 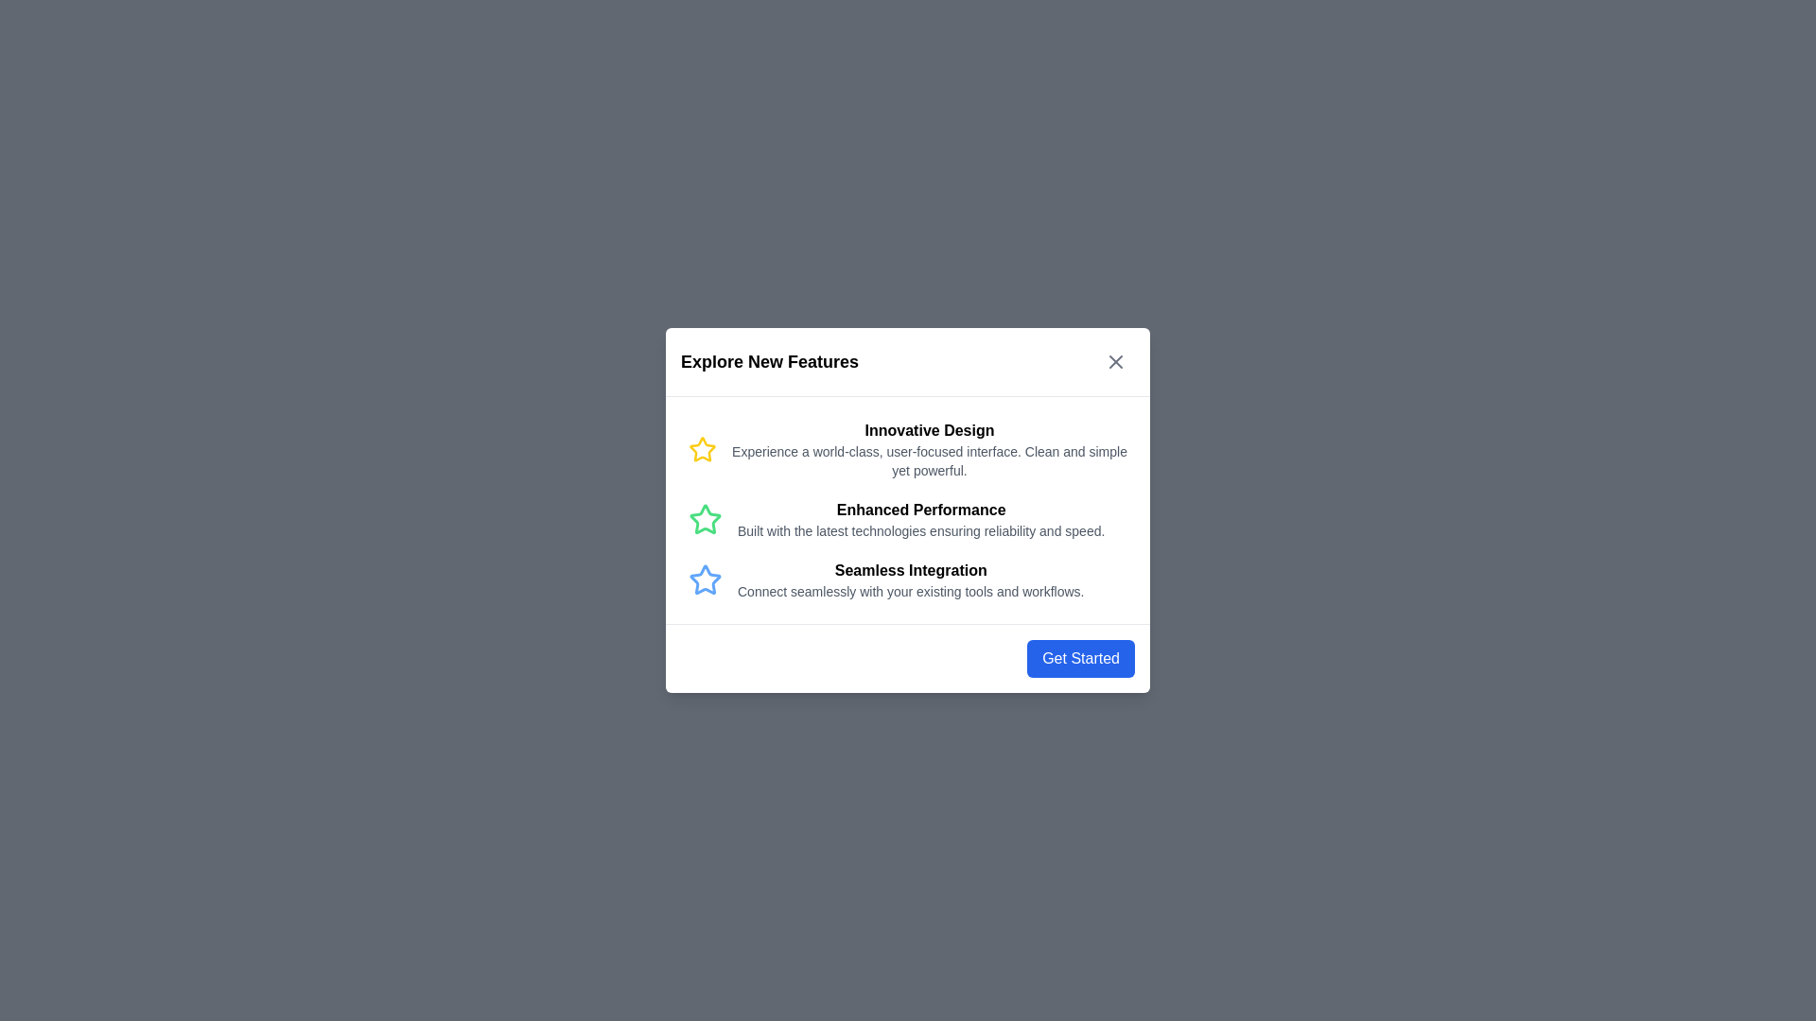 I want to click on the circular button with an 'X' icon in the top-right corner of the 'Explore New Features' dialog, so click(x=1116, y=361).